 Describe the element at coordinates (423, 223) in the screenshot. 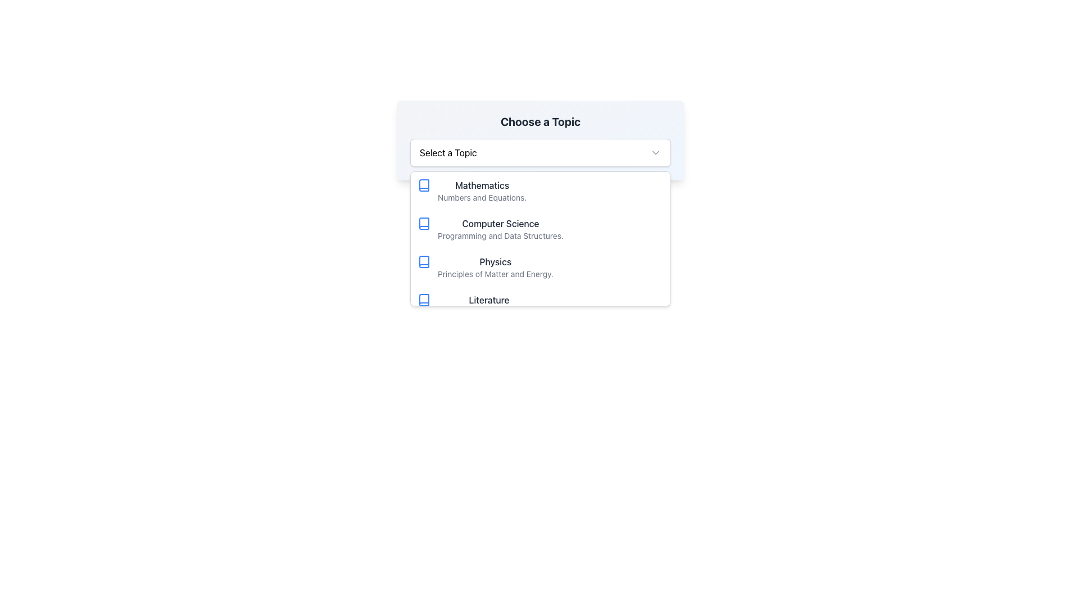

I see `the blue book icon located at the beginning of the second row in the dropdown list, adjacent to the text 'Computer Science' and above 'Programming and Data Structures.'` at that location.